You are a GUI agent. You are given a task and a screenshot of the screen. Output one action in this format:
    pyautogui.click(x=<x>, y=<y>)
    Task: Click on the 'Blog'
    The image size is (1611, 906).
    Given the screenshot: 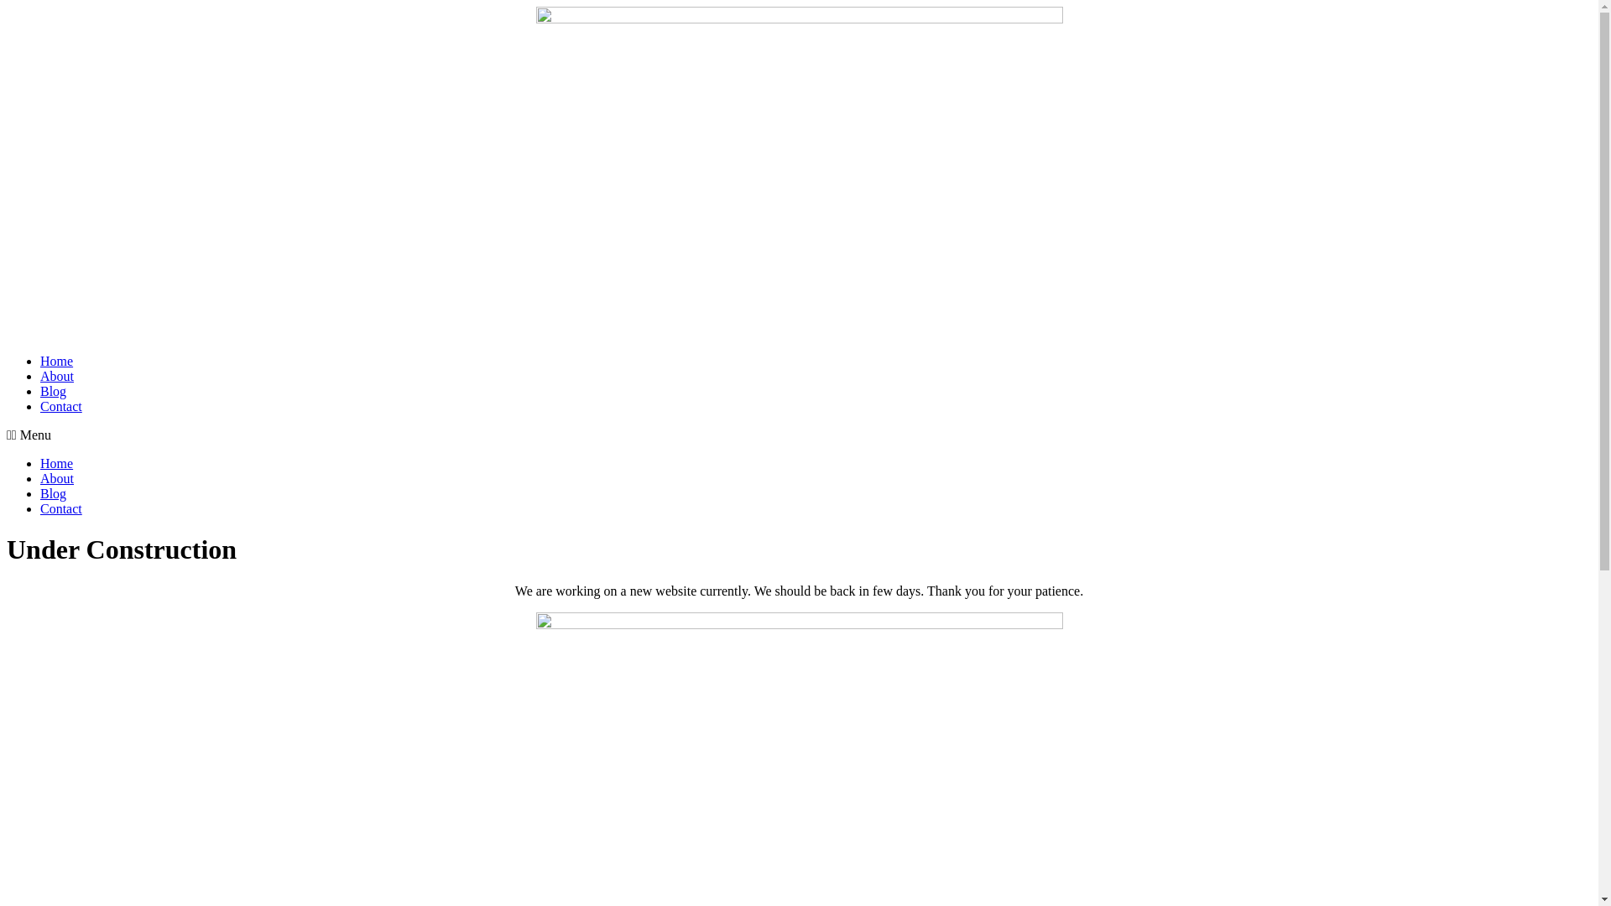 What is the action you would take?
    pyautogui.click(x=53, y=492)
    